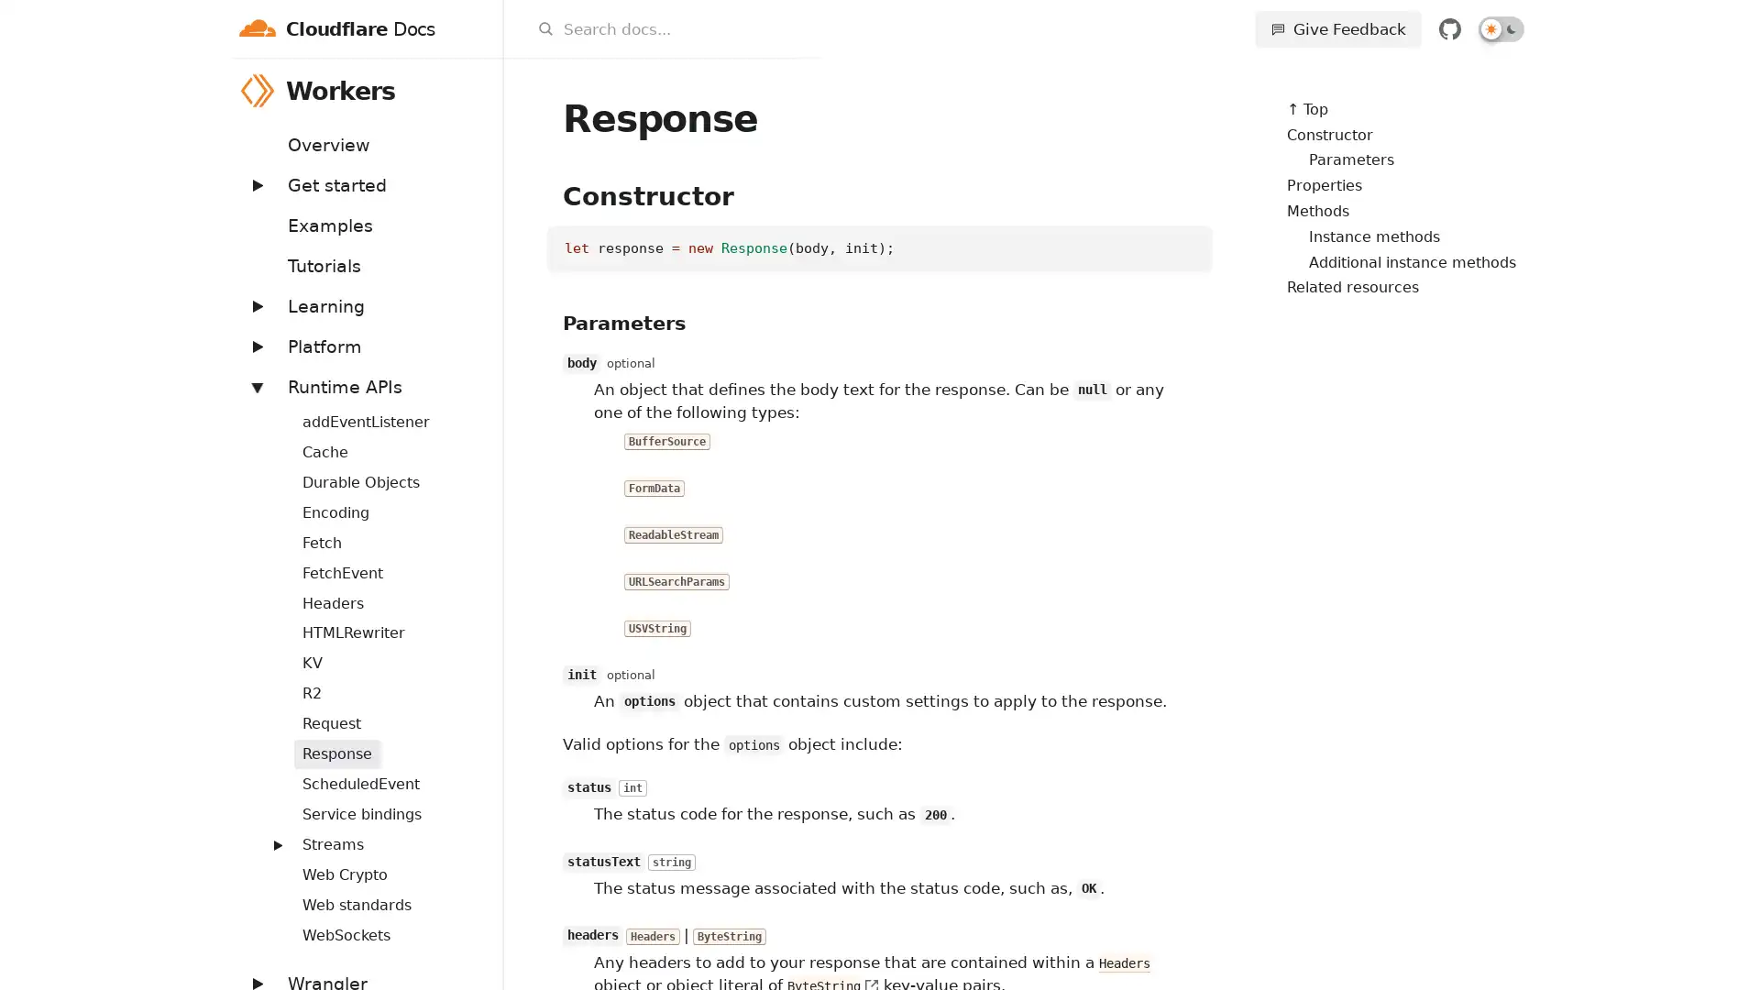 This screenshot has height=990, width=1760. I want to click on Workers menu, so click(478, 90).